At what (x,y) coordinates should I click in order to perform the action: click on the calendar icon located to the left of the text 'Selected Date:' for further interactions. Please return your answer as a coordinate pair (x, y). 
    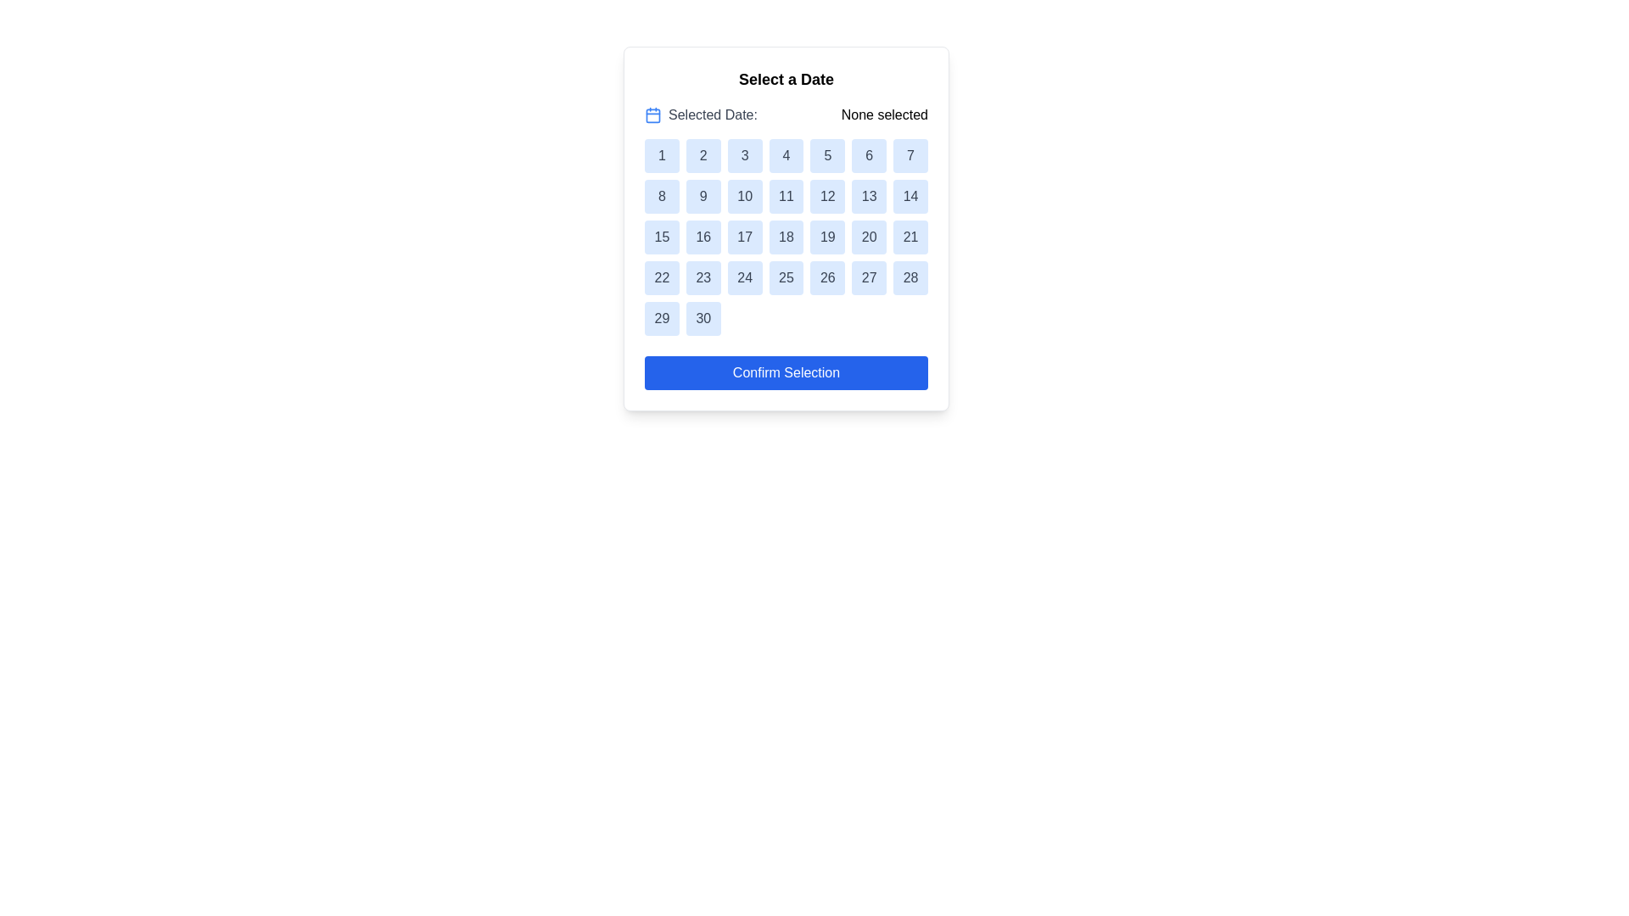
    Looking at the image, I should click on (652, 114).